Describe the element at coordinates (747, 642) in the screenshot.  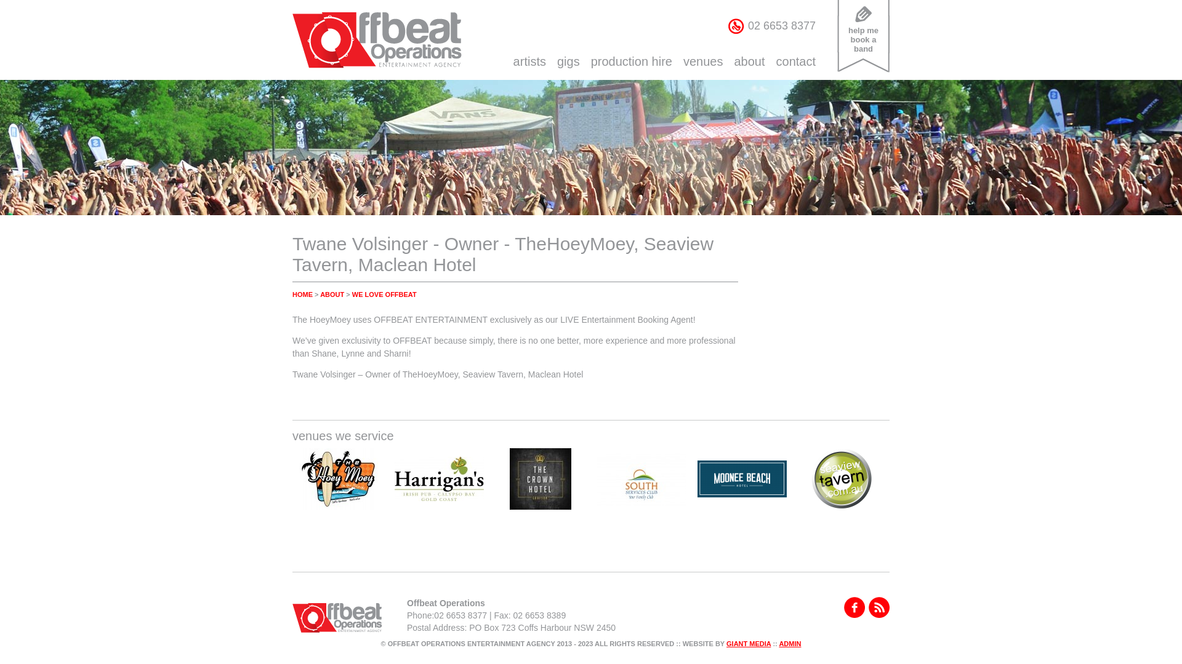
I see `'GIANT MEDIA'` at that location.